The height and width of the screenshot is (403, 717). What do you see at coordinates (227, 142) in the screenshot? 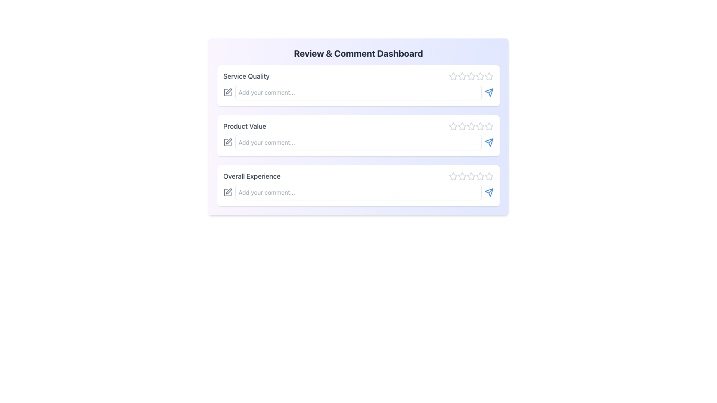
I see `the editing icon located to the left of the comment text box in the second row of the 'Product Value' section to initiate the edit function` at bounding box center [227, 142].